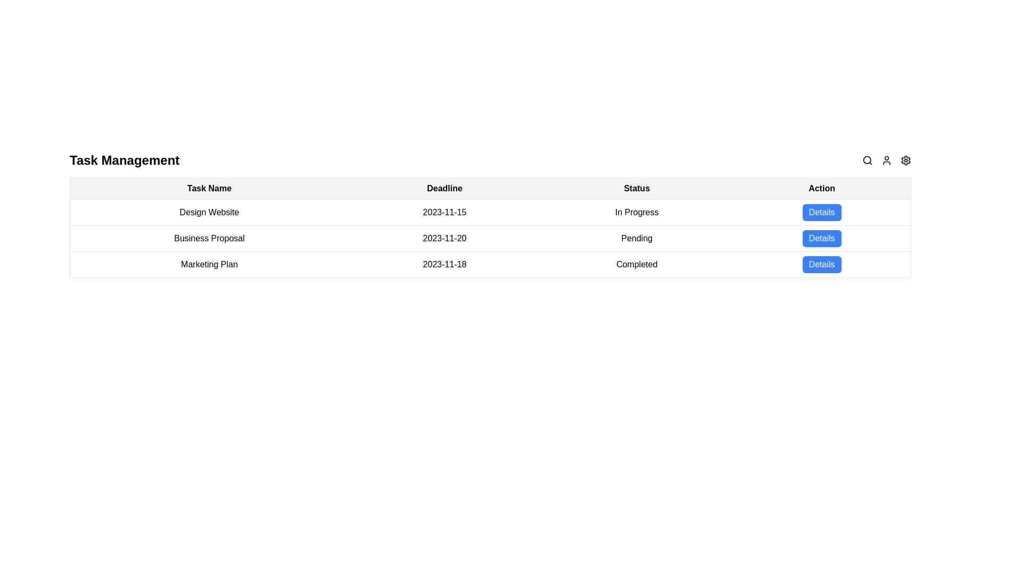  What do you see at coordinates (209, 238) in the screenshot?
I see `the 'Business Proposal' text label in the task management interface, located in the second row under the 'Task Name' column` at bounding box center [209, 238].